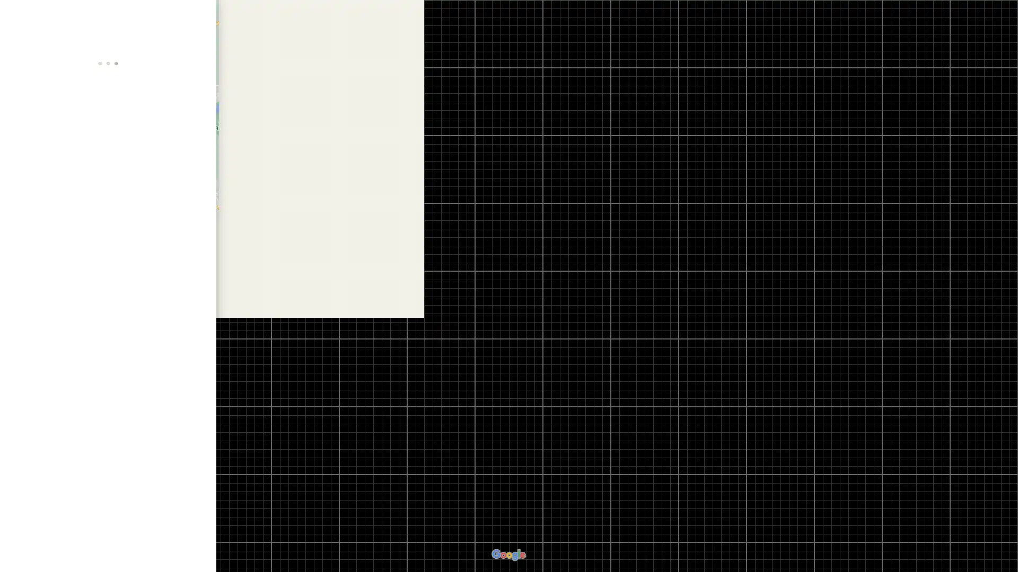 The image size is (1018, 572). I want to click on Share TOVARNA.CZ, s.r.o., so click(185, 207).